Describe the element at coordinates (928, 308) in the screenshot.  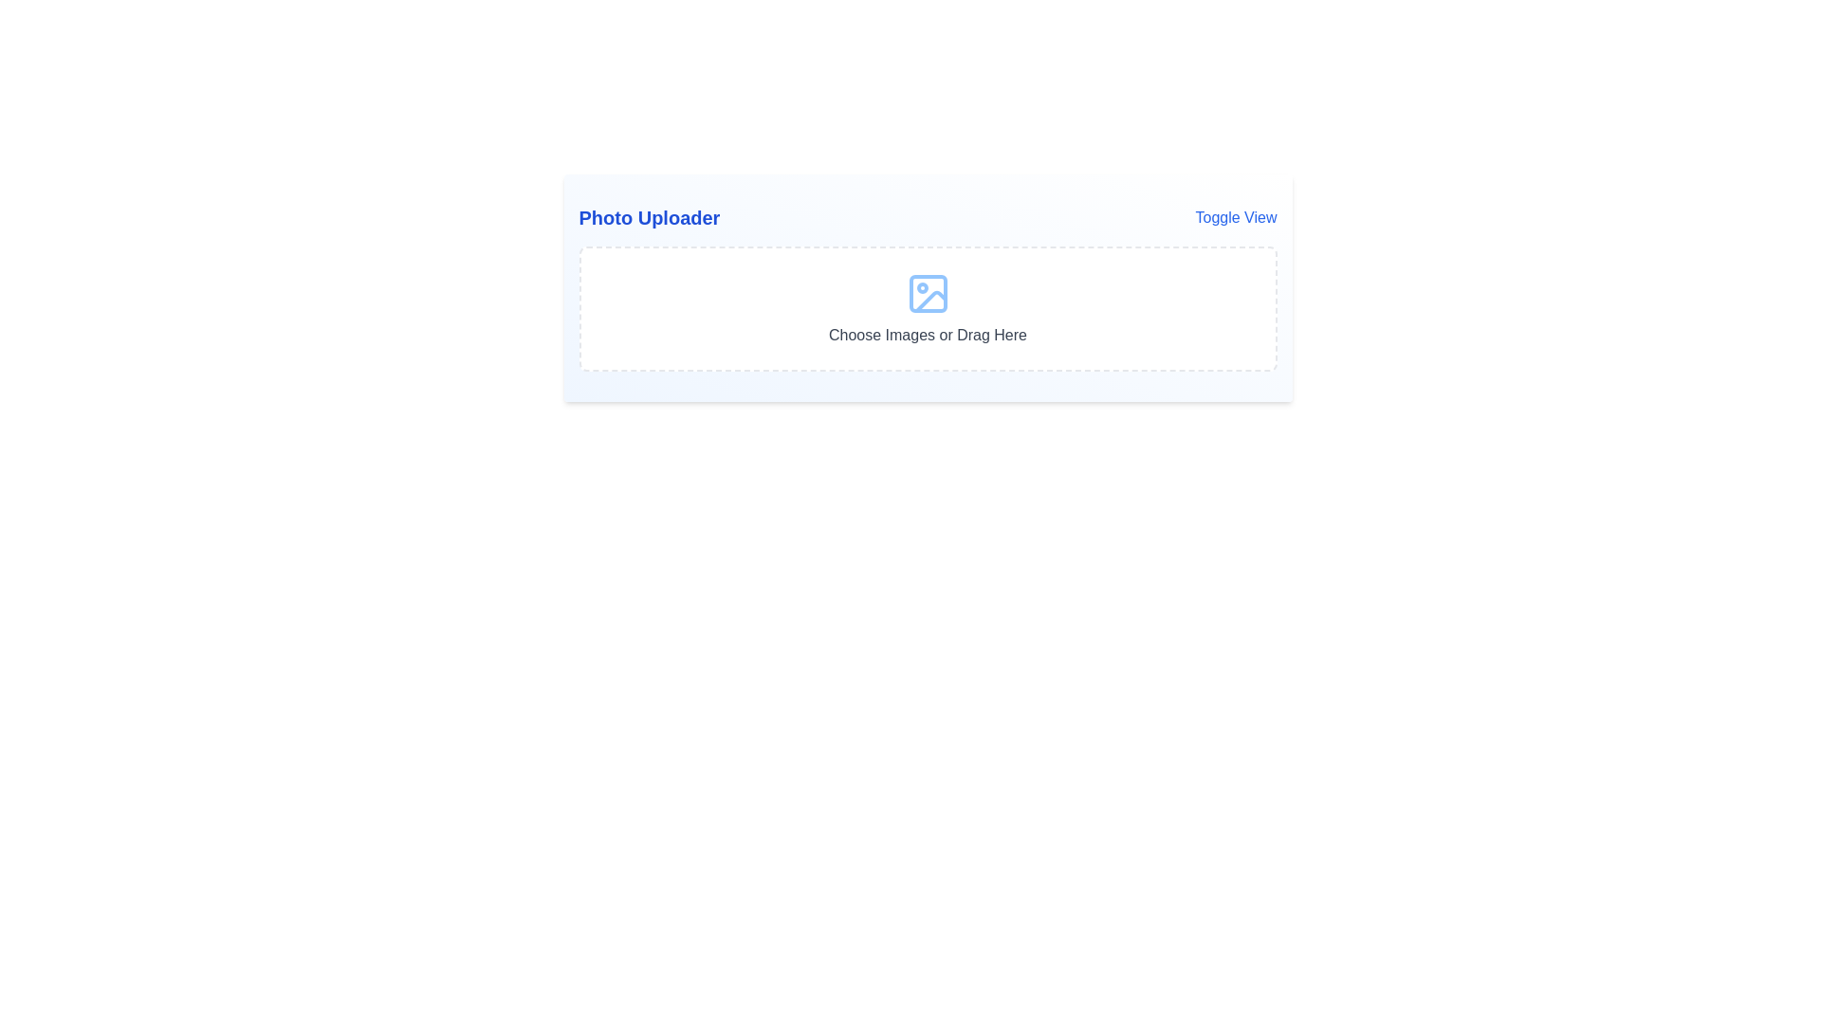
I see `the interactive area for image upload functionality located under the 'Photo Uploader' header` at that location.